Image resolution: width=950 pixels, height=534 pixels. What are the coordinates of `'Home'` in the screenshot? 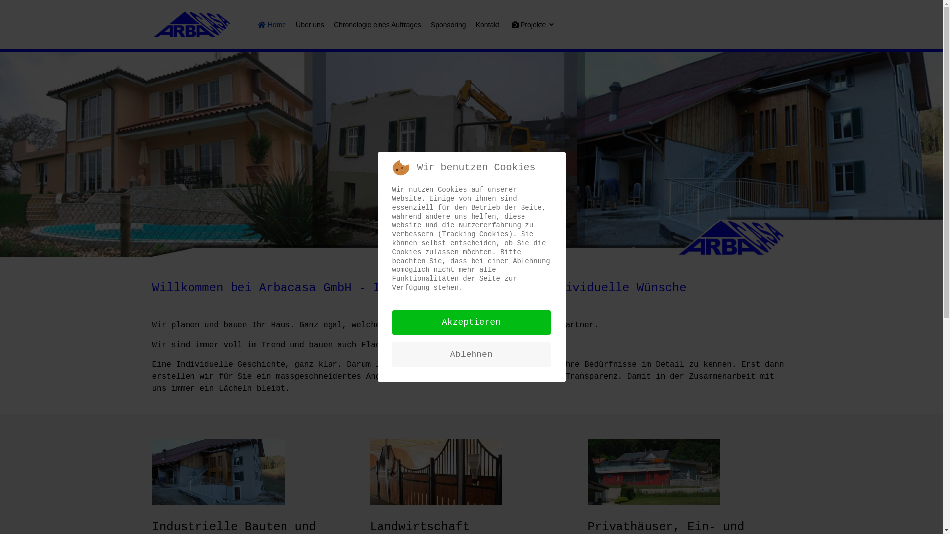 It's located at (272, 24).